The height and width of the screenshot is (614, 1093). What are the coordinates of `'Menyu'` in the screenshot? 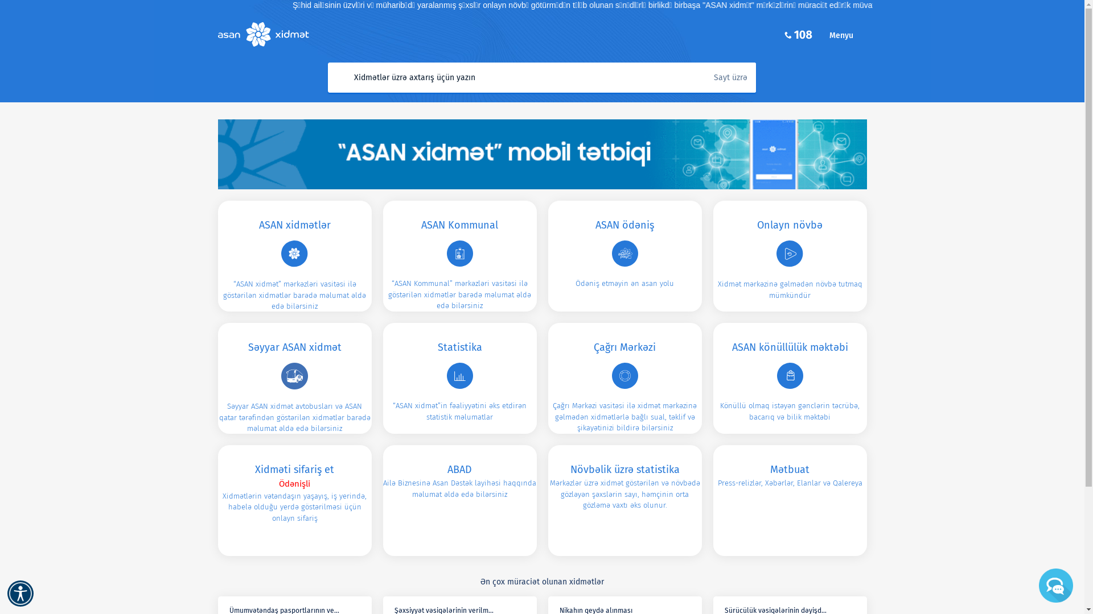 It's located at (847, 34).